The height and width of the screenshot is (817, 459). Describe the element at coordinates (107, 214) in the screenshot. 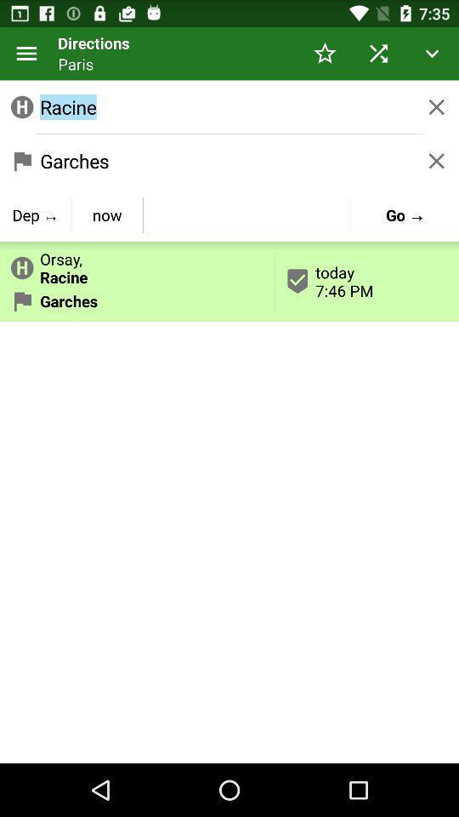

I see `the button to the left of today 7 46 icon` at that location.